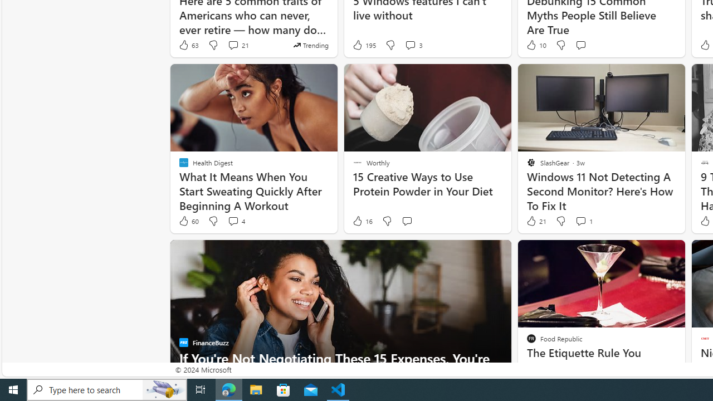 The image size is (713, 401). I want to click on 'View comments 4 Comment', so click(232, 221).